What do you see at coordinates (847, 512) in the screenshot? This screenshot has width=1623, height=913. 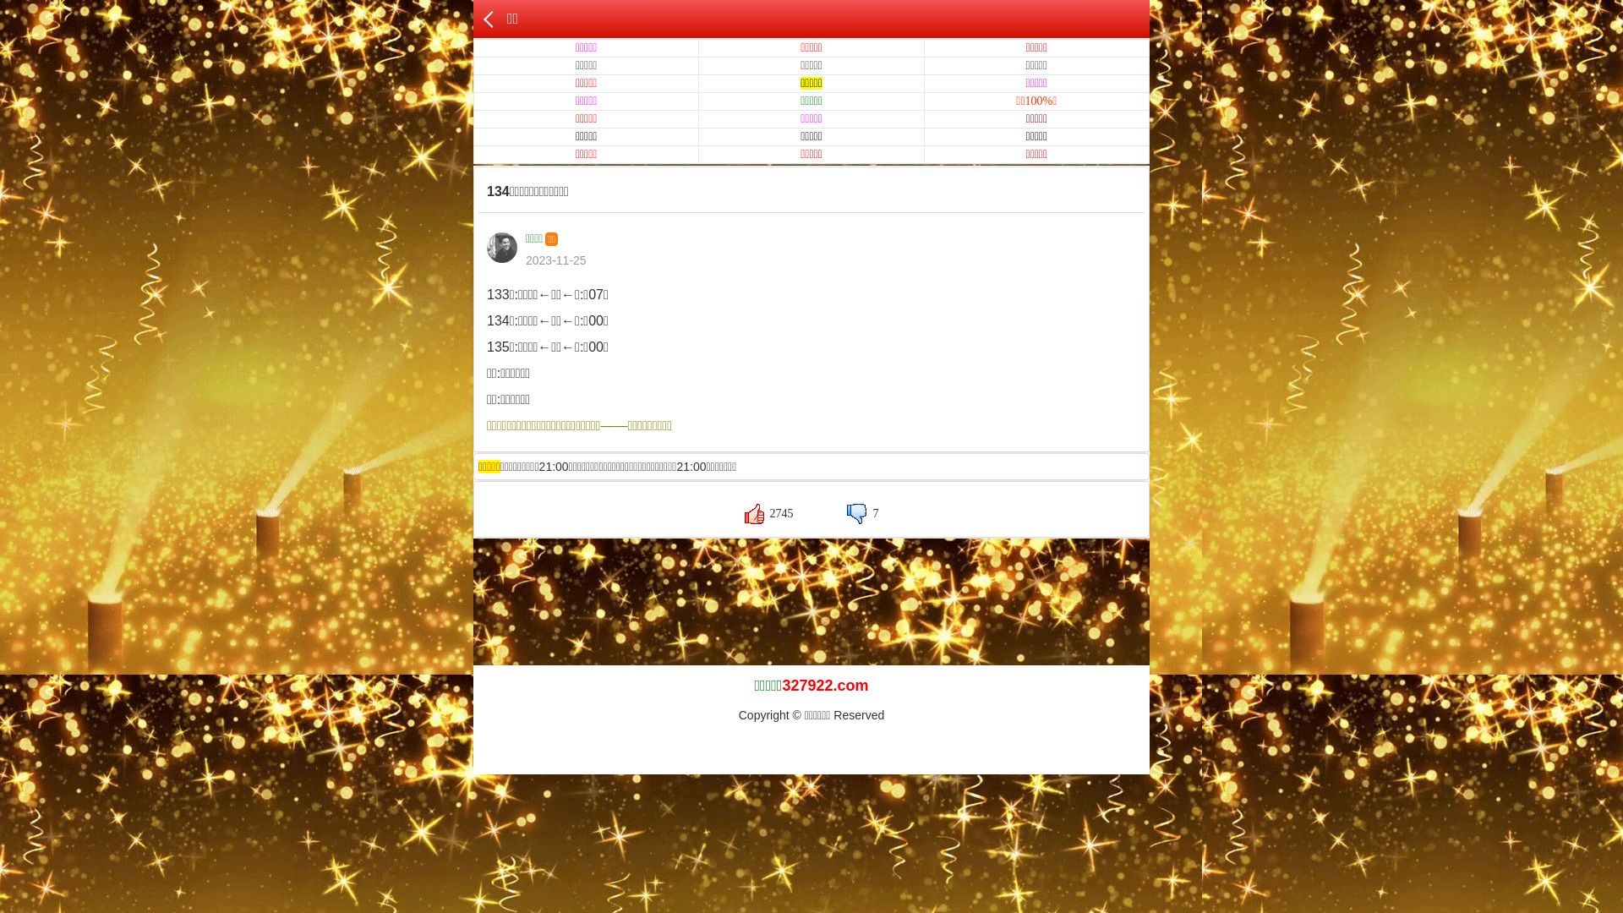 I see `'7'` at bounding box center [847, 512].